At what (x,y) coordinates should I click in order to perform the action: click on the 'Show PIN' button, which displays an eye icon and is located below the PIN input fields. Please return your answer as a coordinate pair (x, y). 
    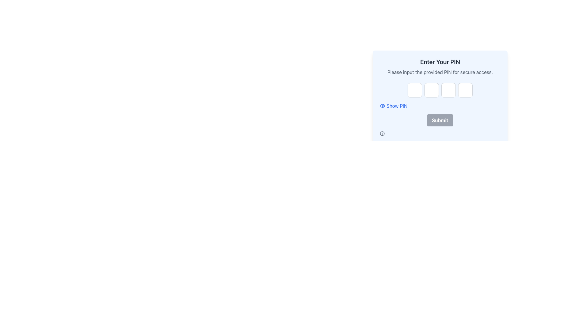
    Looking at the image, I should click on (393, 105).